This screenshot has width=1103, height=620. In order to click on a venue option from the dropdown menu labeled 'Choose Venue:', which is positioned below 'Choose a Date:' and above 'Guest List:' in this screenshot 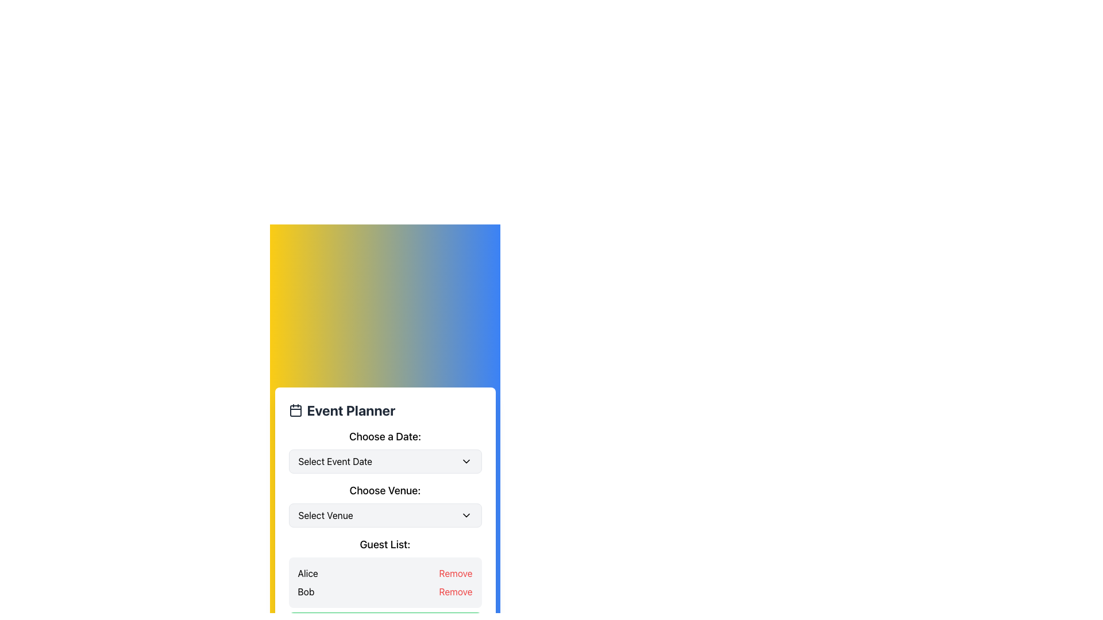, I will do `click(385, 504)`.